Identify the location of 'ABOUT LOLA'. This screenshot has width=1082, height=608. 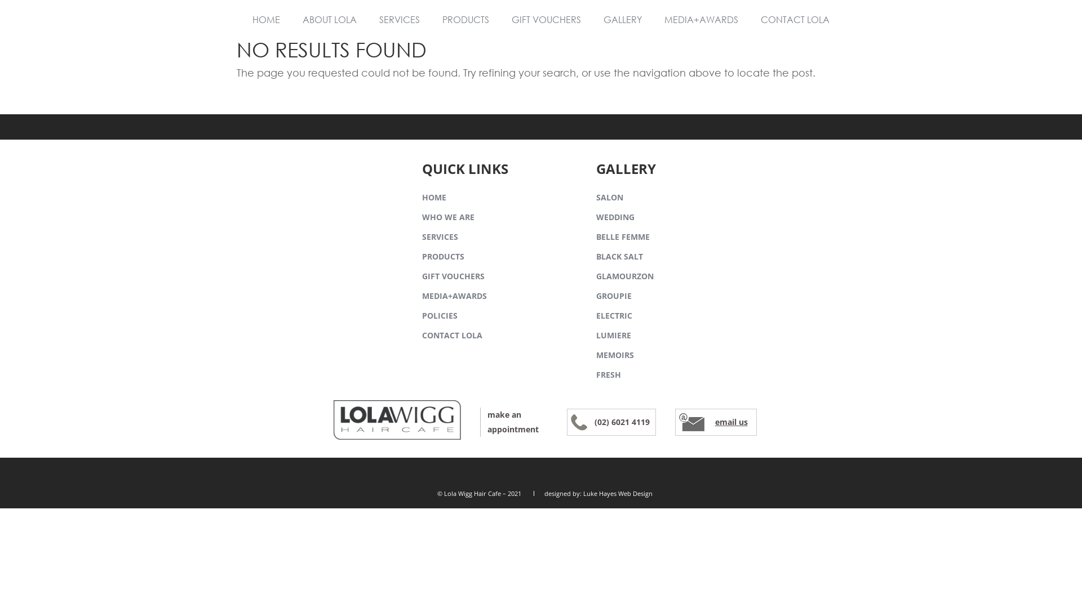
(329, 19).